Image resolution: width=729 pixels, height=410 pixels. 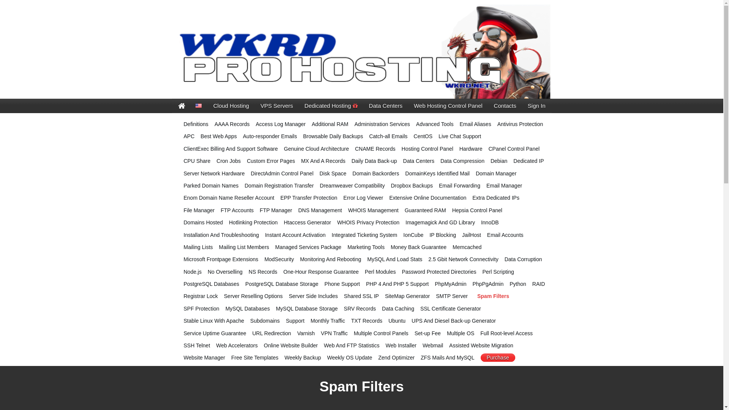 I want to click on 'Perl Modules', so click(x=380, y=271).